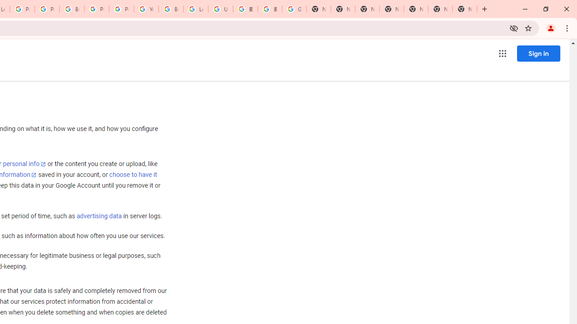 The width and height of the screenshot is (577, 324). What do you see at coordinates (146, 9) in the screenshot?
I see `'YouTube'` at bounding box center [146, 9].